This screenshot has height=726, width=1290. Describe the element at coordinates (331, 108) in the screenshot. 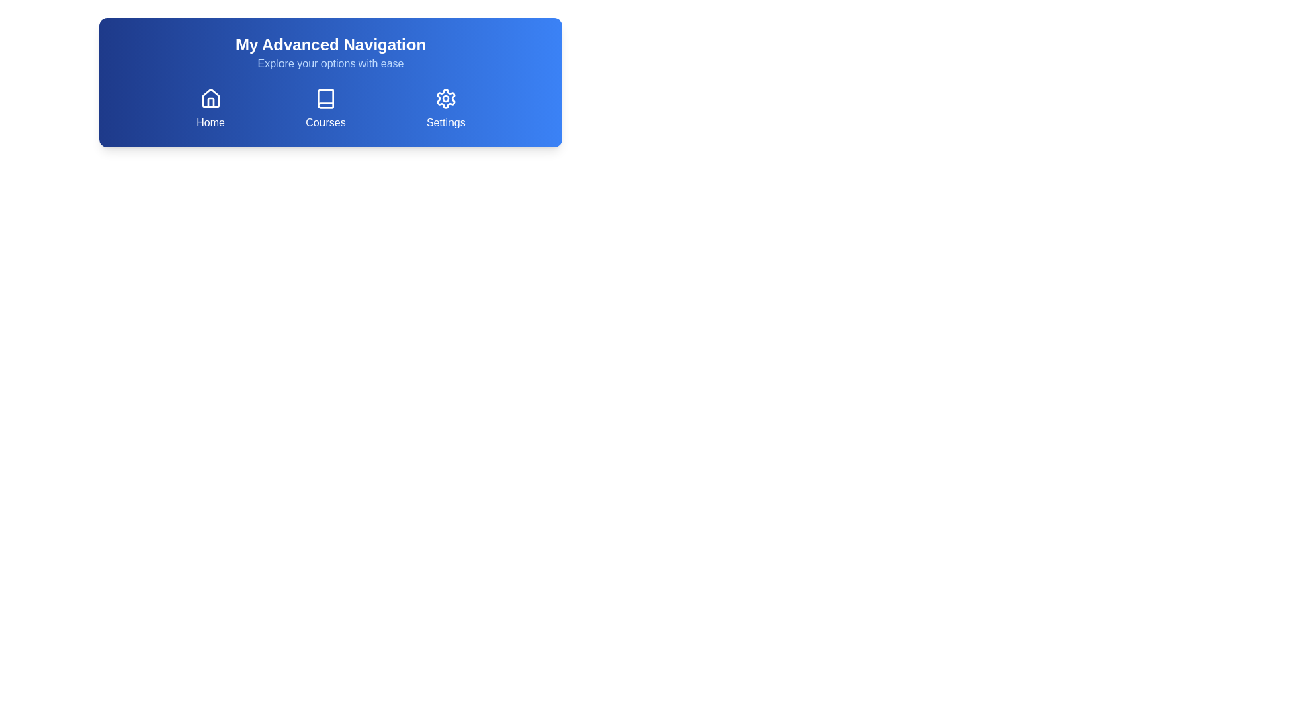

I see `the 'Courses' item in the Navigation menu, which is located below the title 'My Advanced Navigation'` at that location.